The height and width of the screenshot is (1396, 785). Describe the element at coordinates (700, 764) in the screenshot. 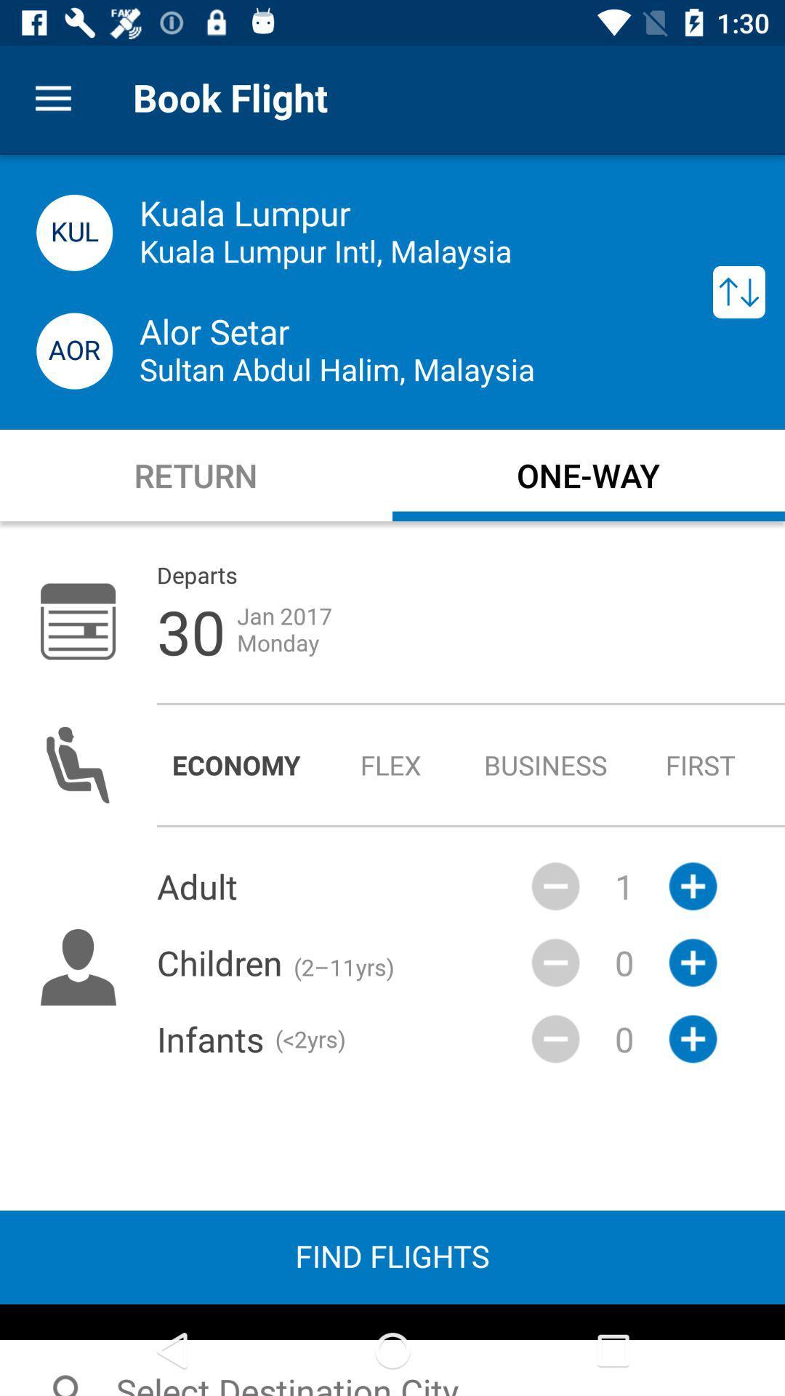

I see `the item to the right of the business radio button` at that location.